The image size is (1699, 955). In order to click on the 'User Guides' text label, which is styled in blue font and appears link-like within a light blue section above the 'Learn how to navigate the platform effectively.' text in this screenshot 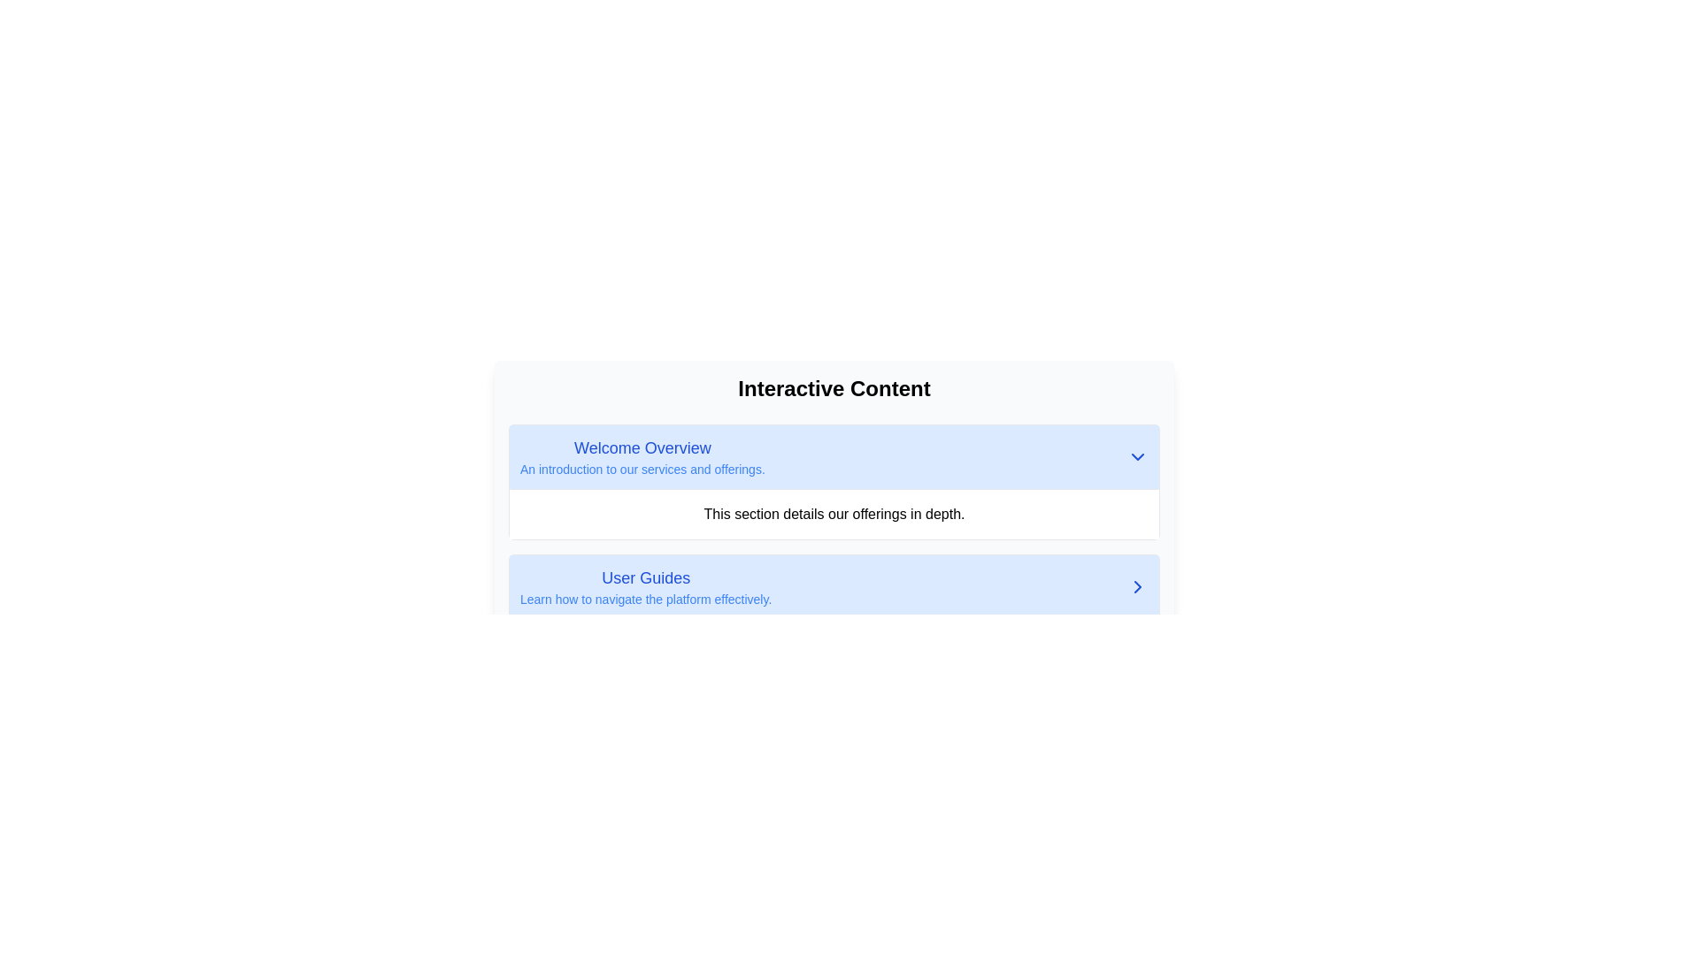, I will do `click(645, 578)`.